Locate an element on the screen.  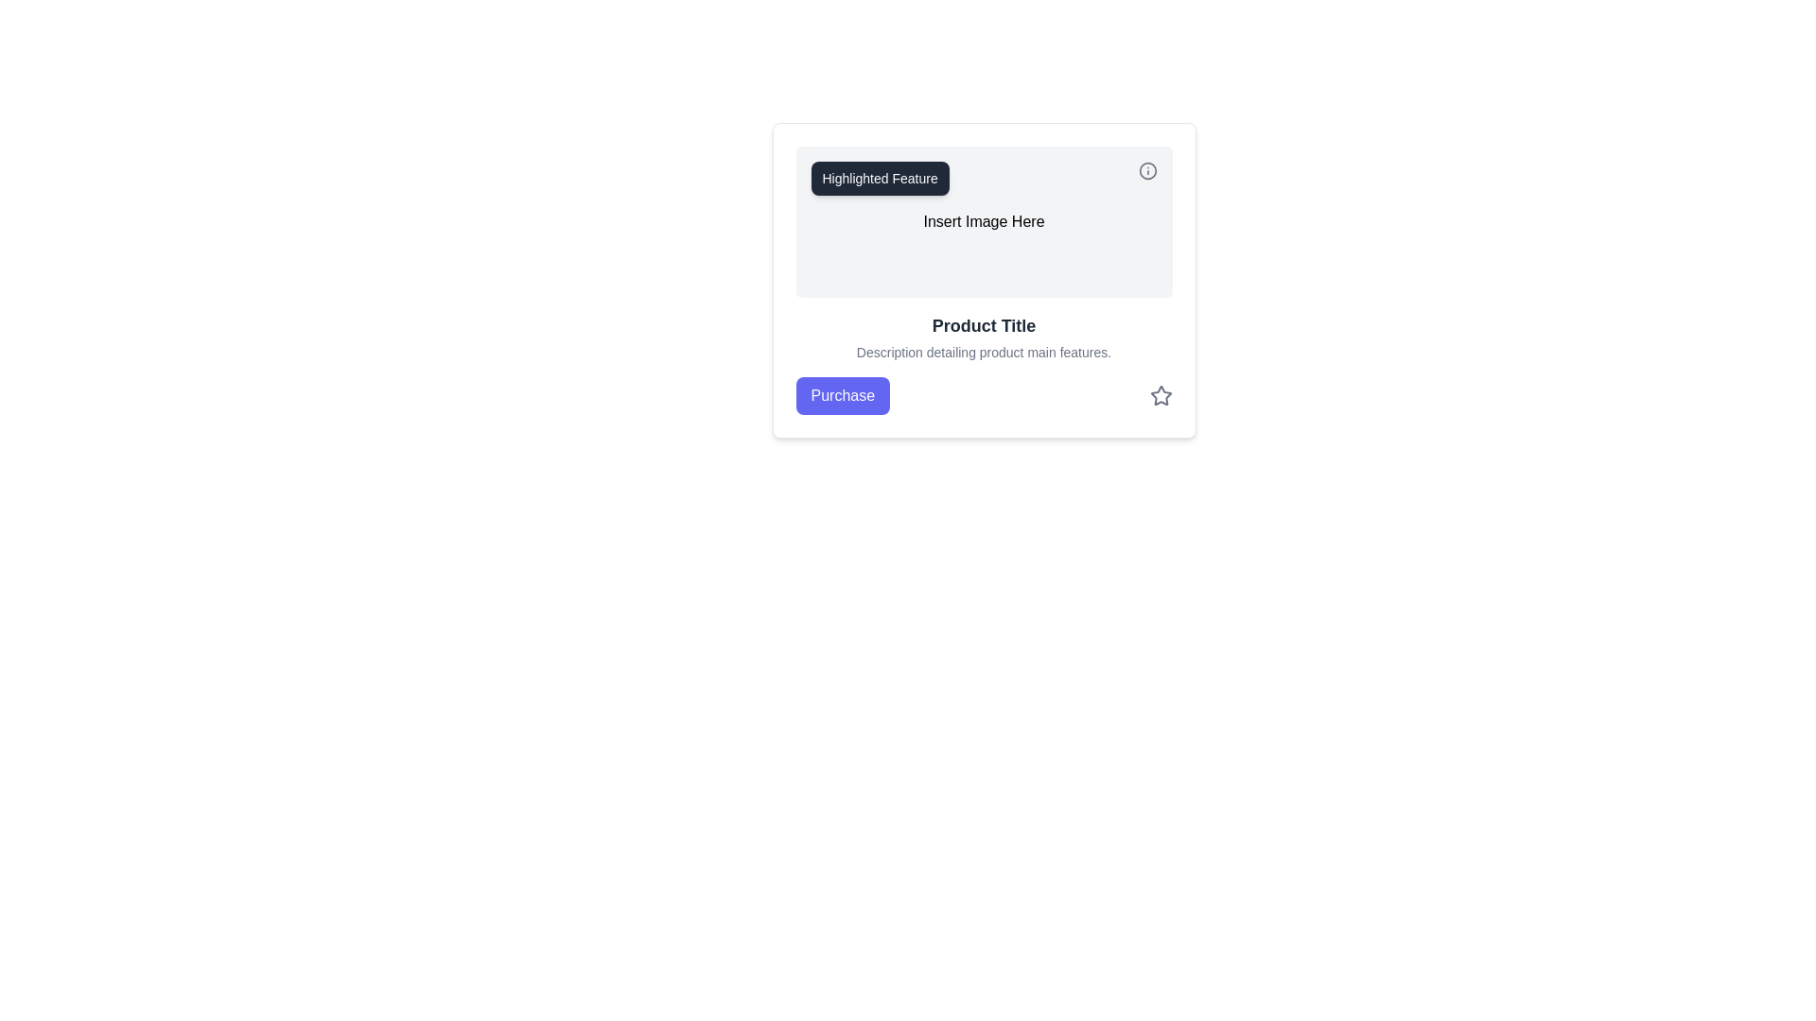
textual description below the 'Product Title' which contains the phrase 'Description detailing product main features.' is located at coordinates (984, 353).